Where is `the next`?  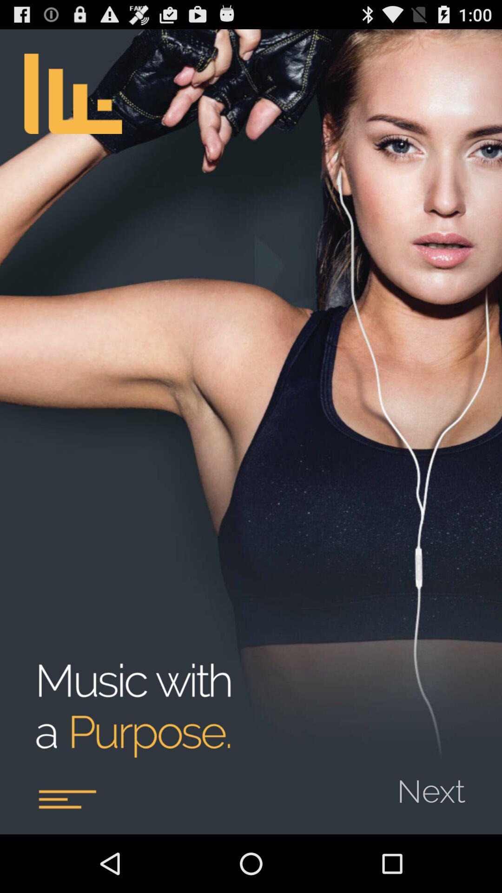 the next is located at coordinates (437, 785).